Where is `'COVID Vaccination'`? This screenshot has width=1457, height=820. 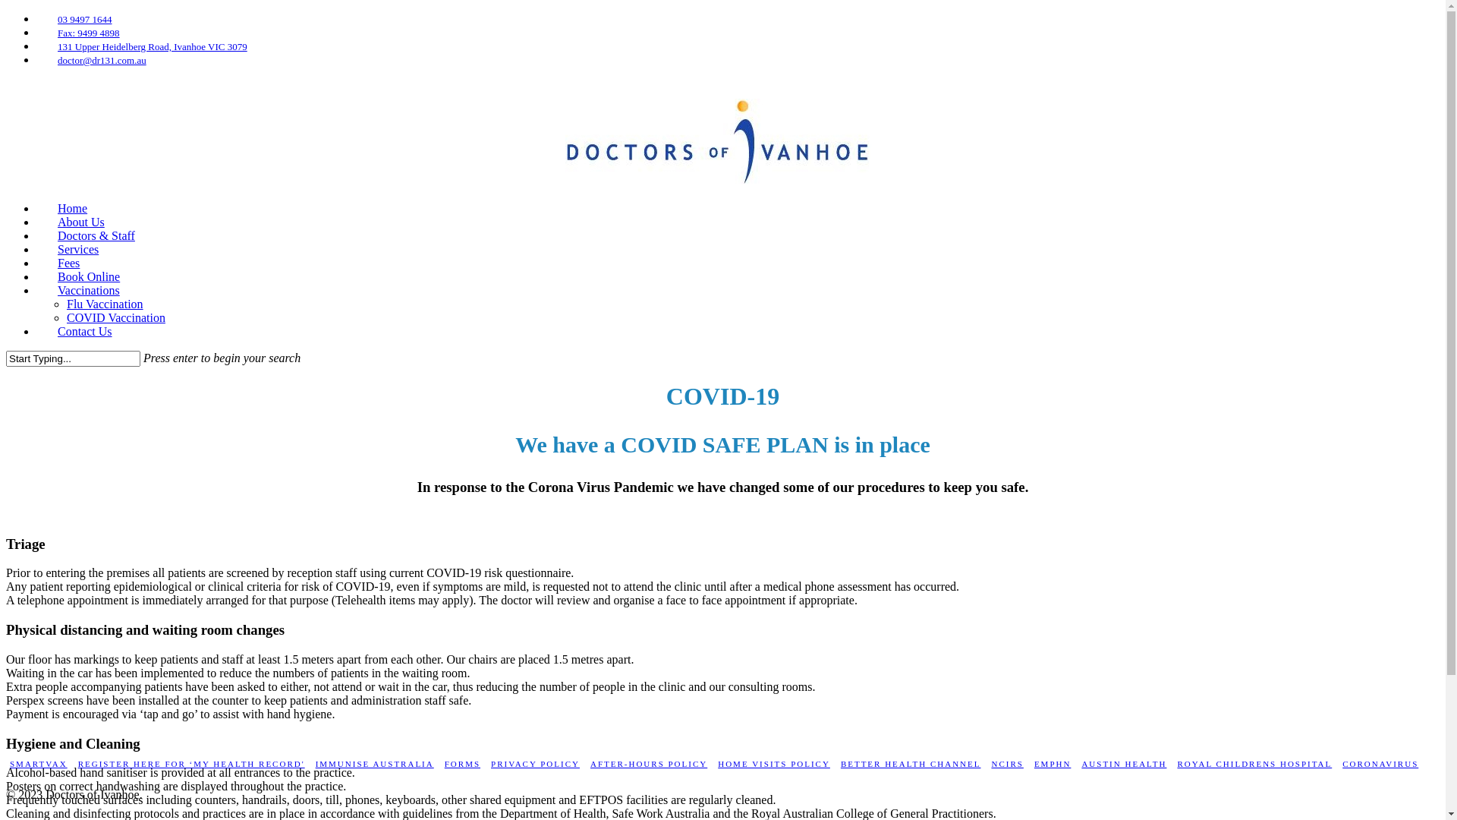 'COVID Vaccination' is located at coordinates (115, 317).